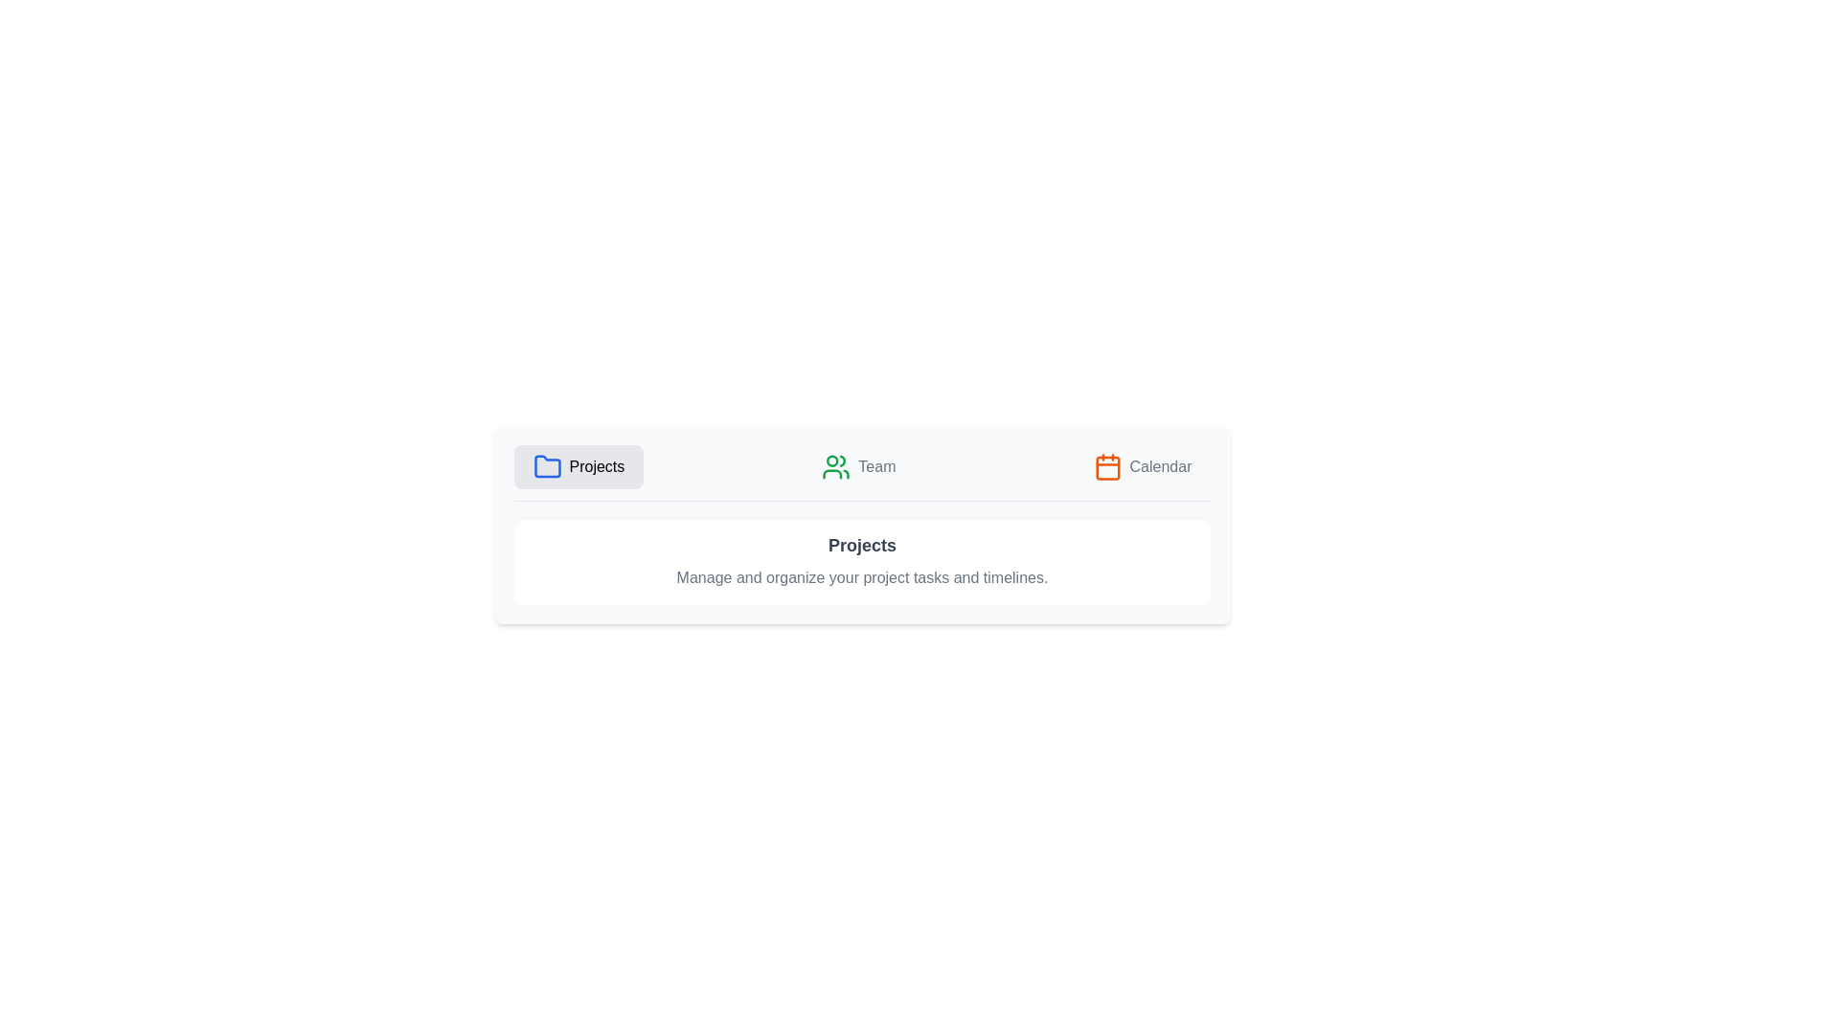 Image resolution: width=1839 pixels, height=1034 pixels. What do you see at coordinates (857, 467) in the screenshot?
I see `the Team tab in the ProjectTabs component` at bounding box center [857, 467].